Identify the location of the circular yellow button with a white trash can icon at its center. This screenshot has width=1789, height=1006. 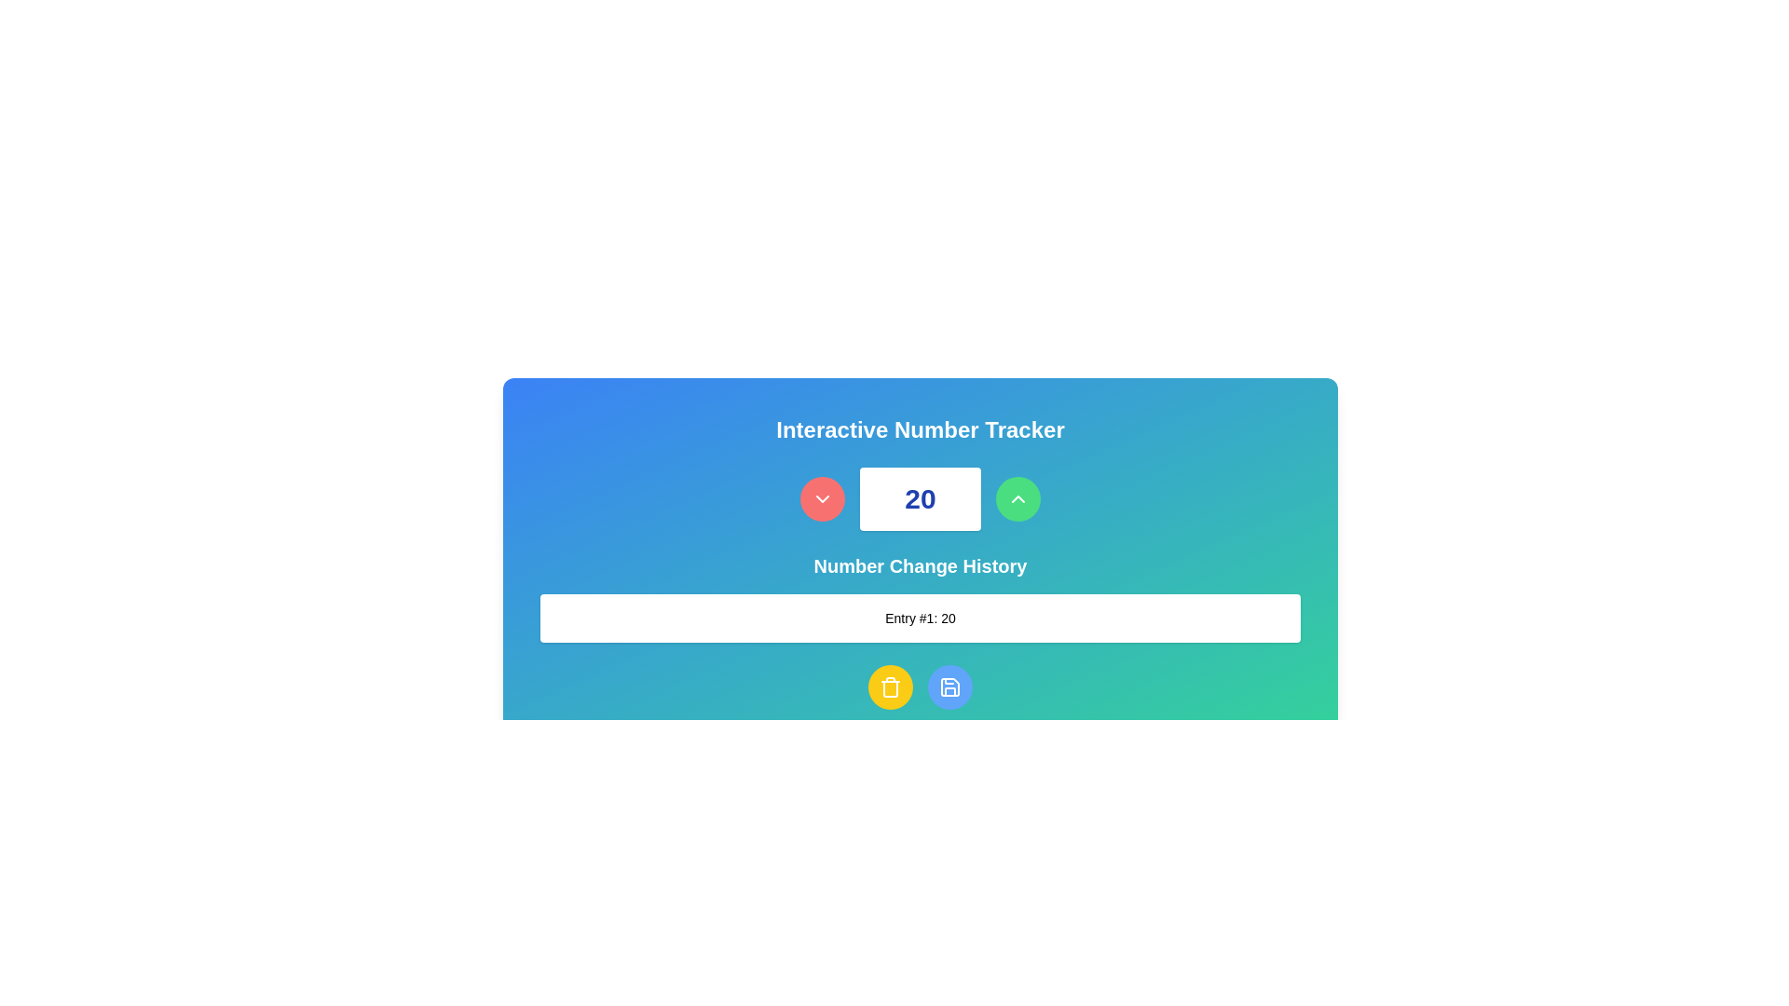
(889, 687).